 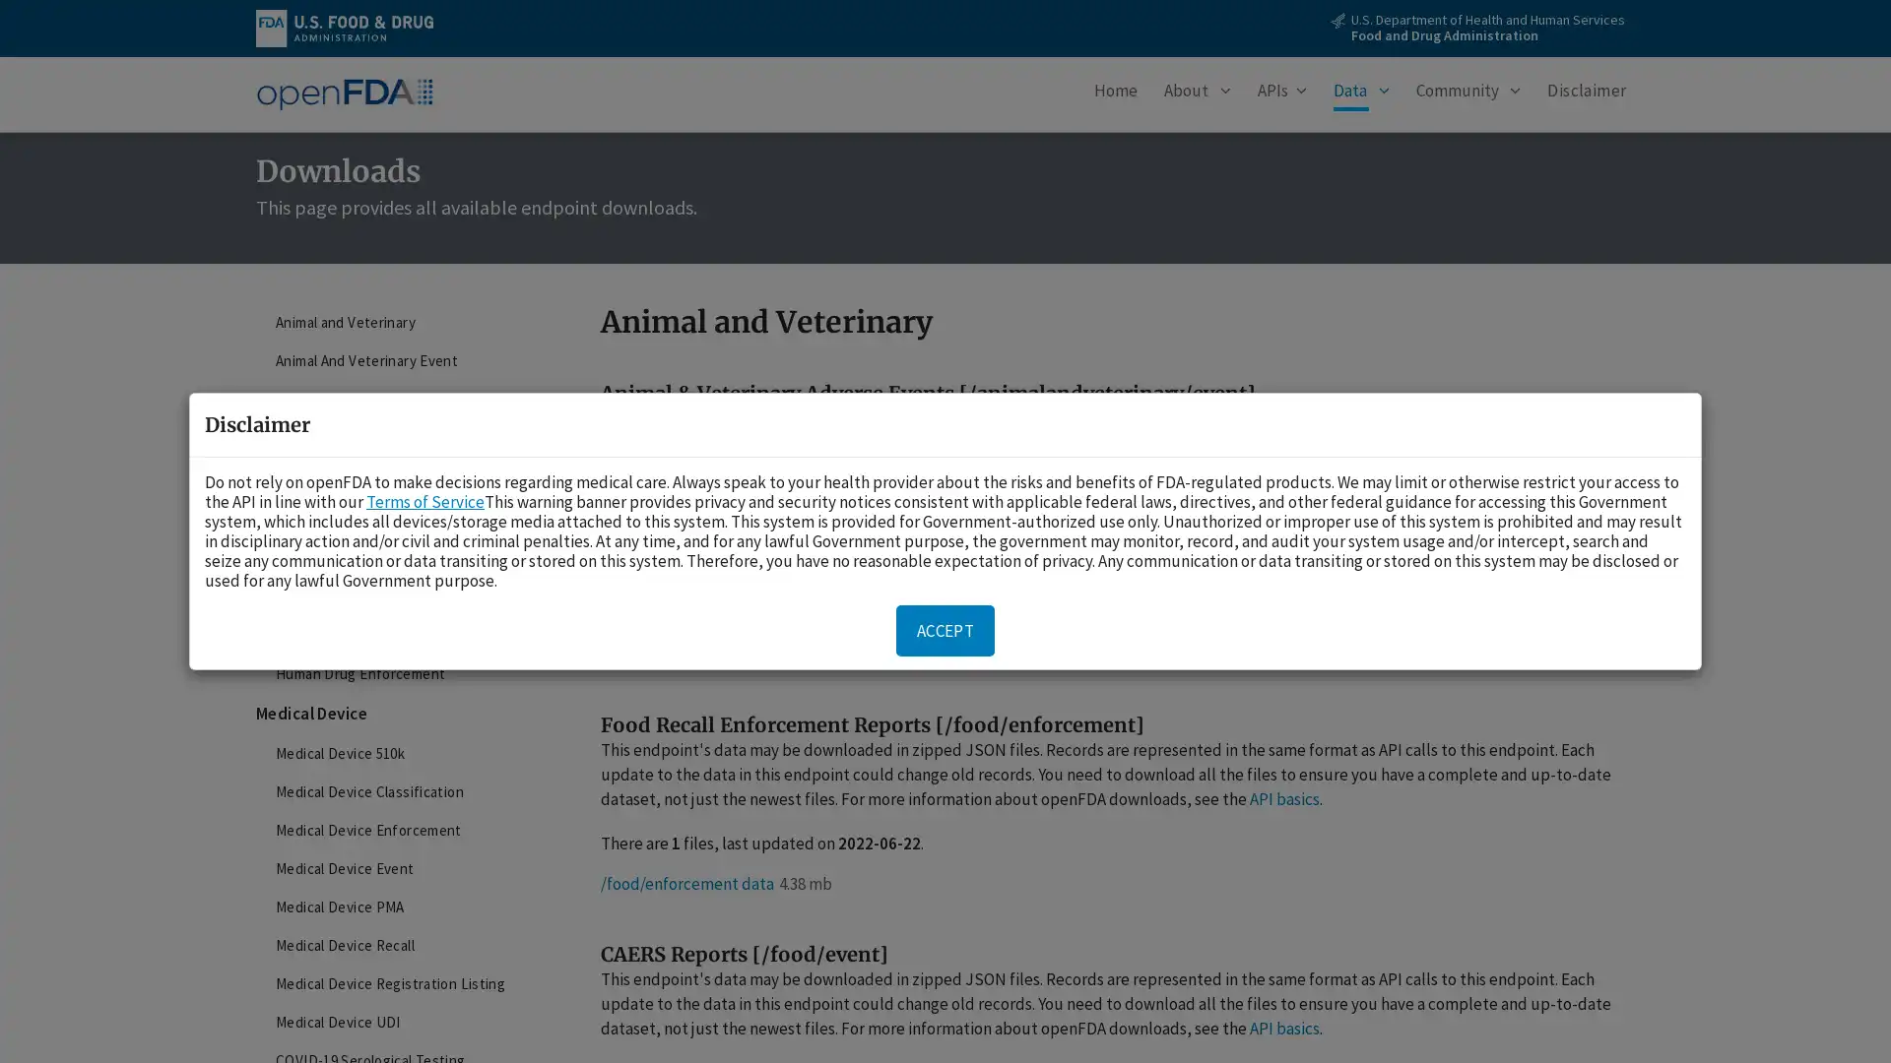 I want to click on ACCEPT, so click(x=945, y=630).